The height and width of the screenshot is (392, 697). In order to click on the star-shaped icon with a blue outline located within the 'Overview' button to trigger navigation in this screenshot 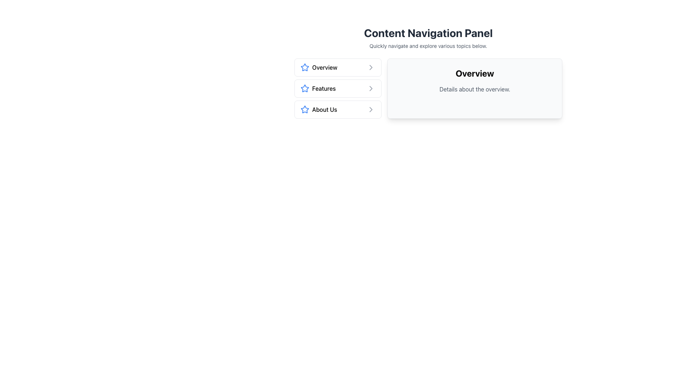, I will do `click(305, 67)`.